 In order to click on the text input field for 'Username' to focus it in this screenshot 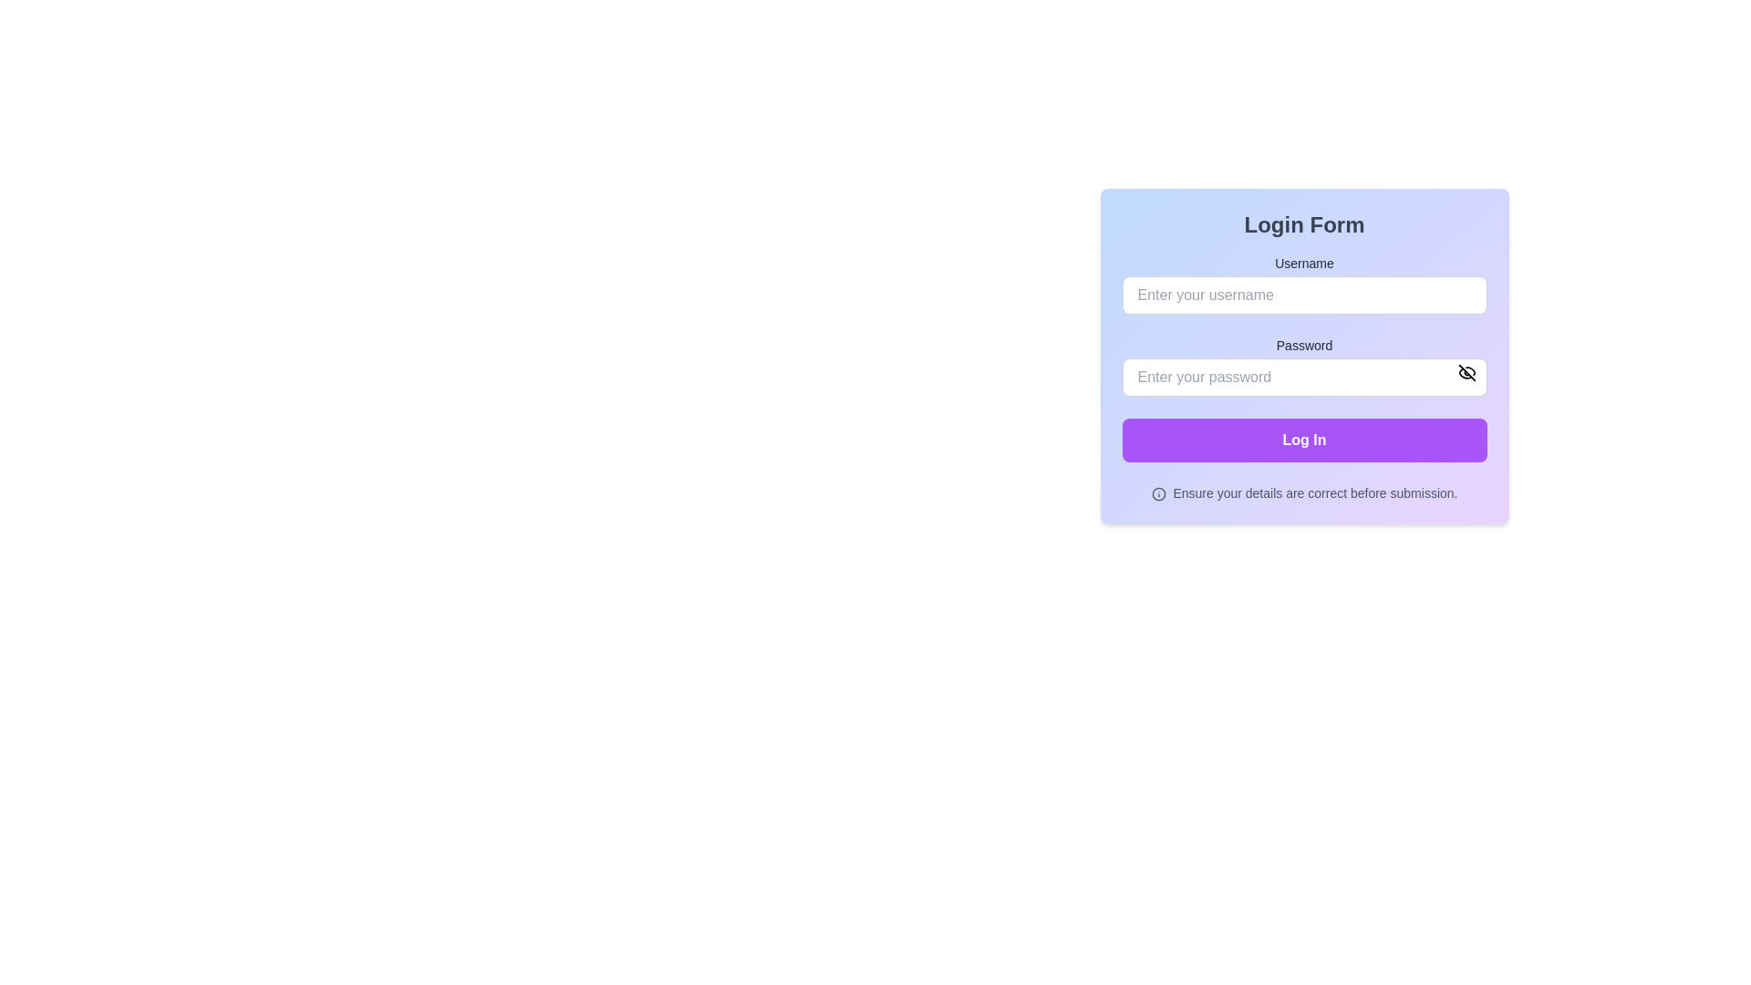, I will do `click(1303, 285)`.